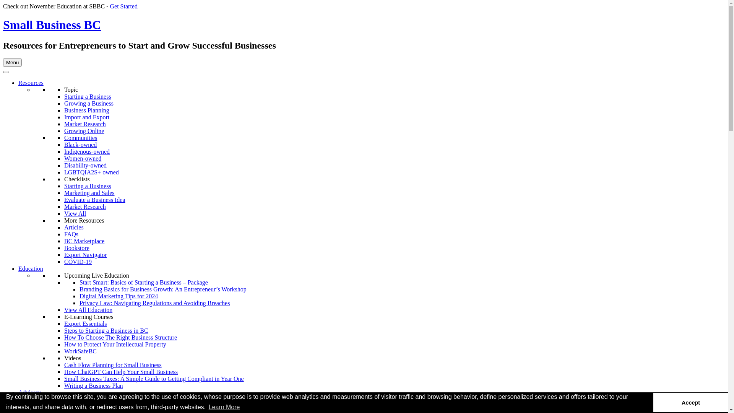 This screenshot has width=734, height=413. What do you see at coordinates (112, 364) in the screenshot?
I see `'Cash Flow Planning for Small Business'` at bounding box center [112, 364].